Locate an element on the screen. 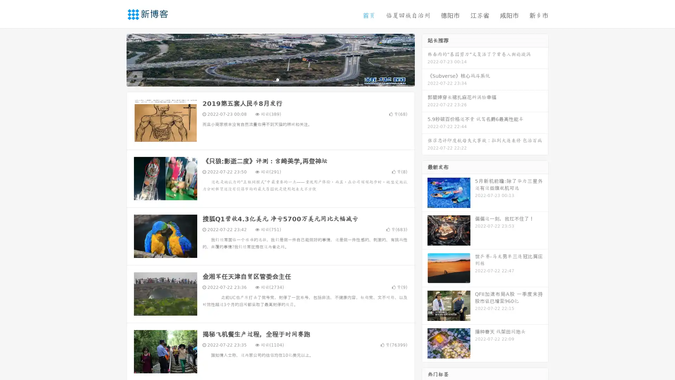  Next slide is located at coordinates (425, 59).